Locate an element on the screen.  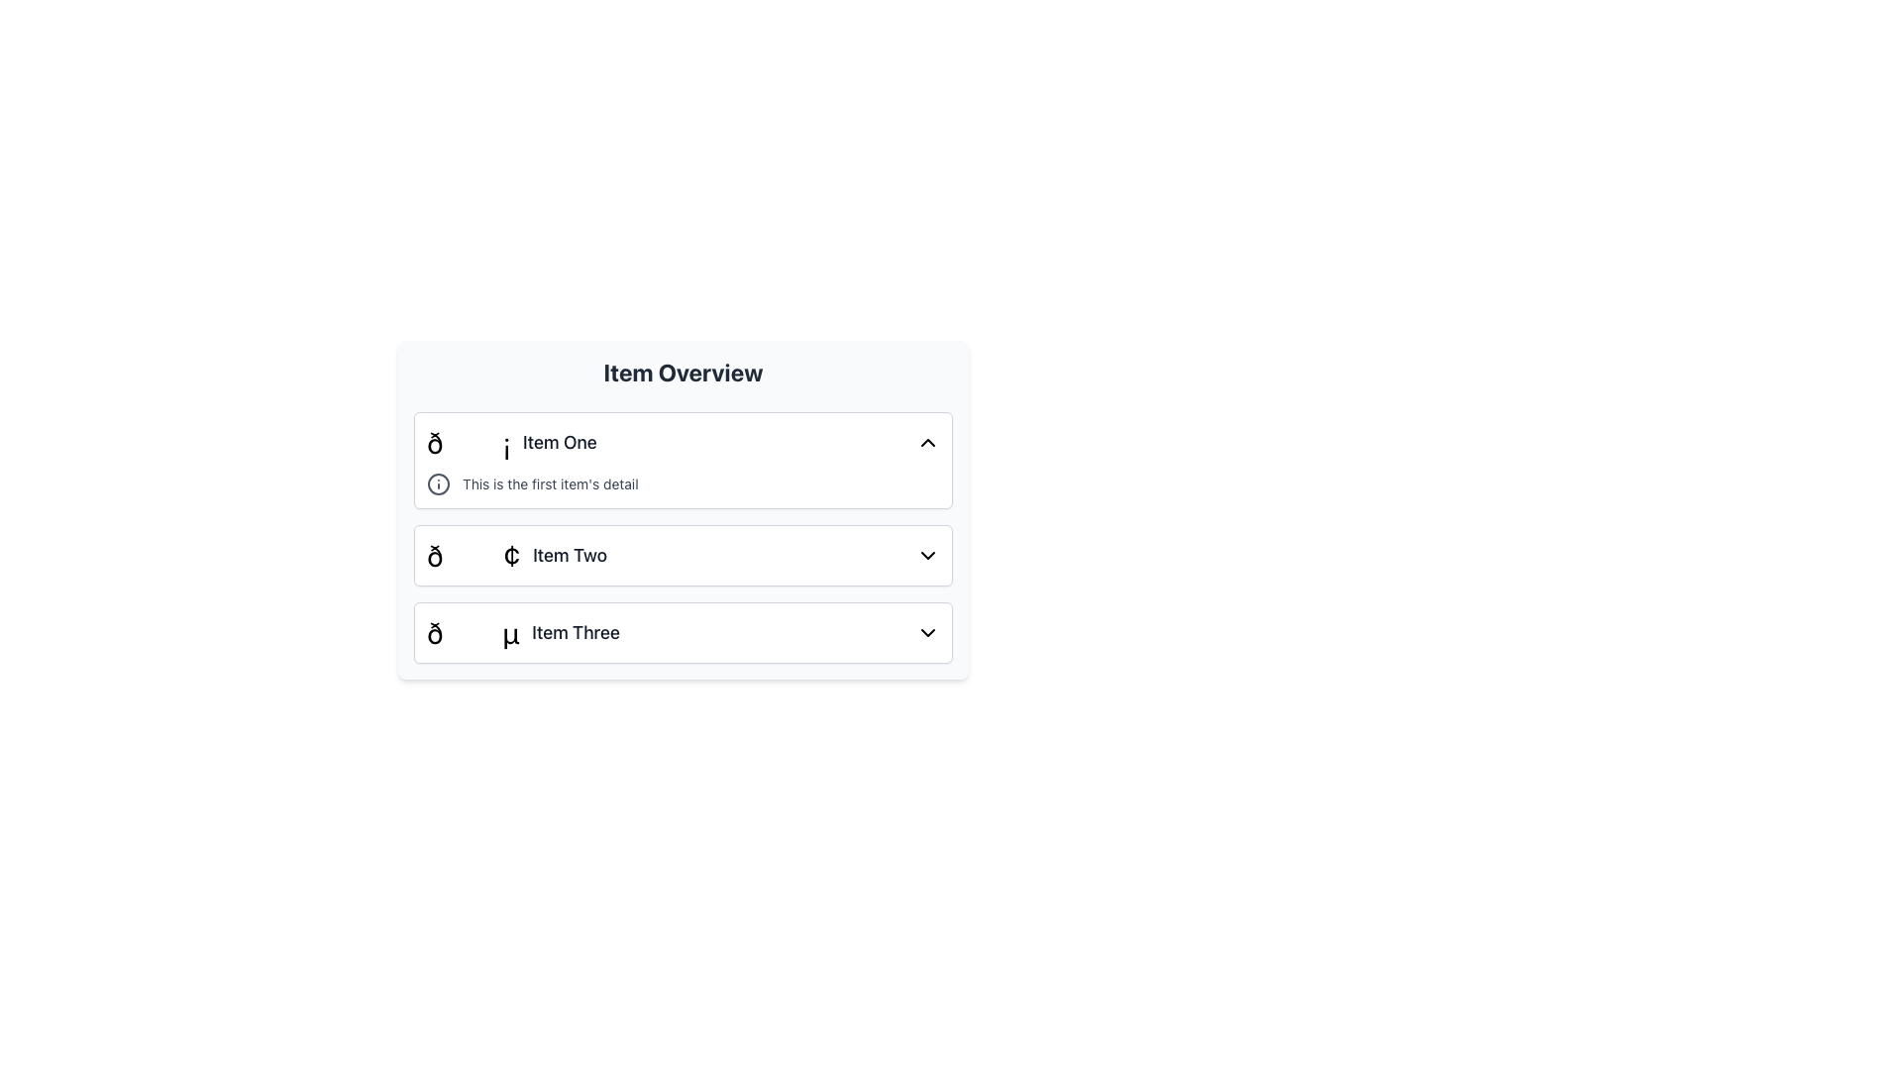
the toggle icon located in the rightmost section of the first list item labeled 'Item One' is located at coordinates (926, 442).